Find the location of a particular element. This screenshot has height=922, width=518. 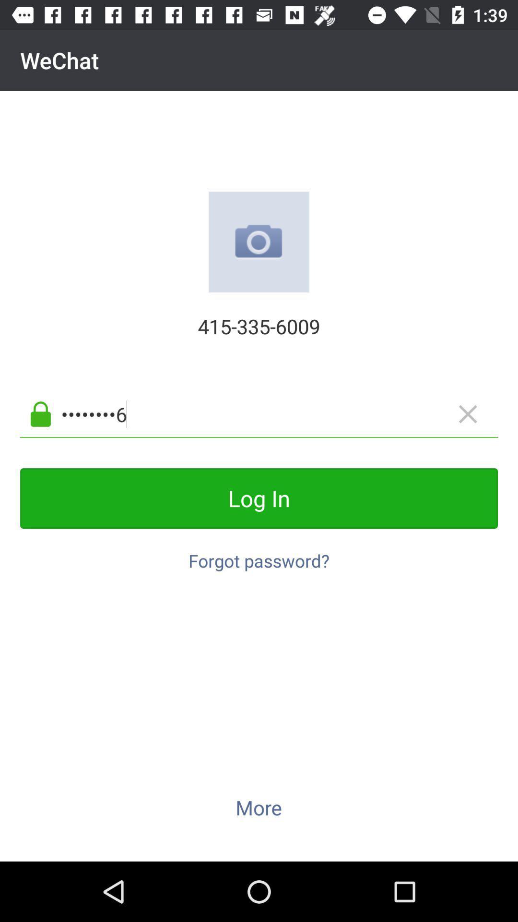

crowd3116 icon is located at coordinates (274, 414).